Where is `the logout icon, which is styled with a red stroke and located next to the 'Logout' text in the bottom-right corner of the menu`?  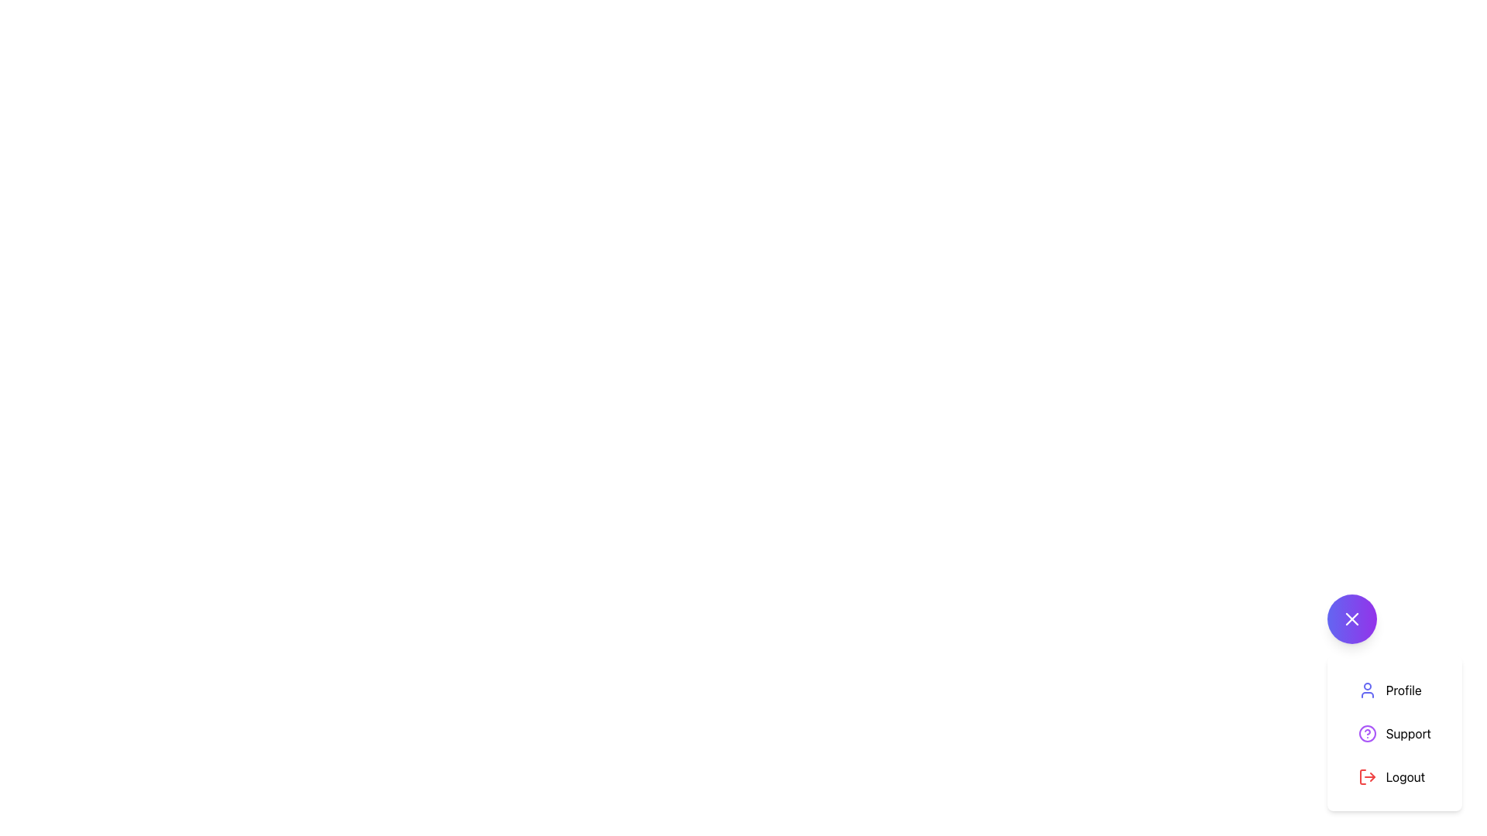
the logout icon, which is styled with a red stroke and located next to the 'Logout' text in the bottom-right corner of the menu is located at coordinates (1367, 776).